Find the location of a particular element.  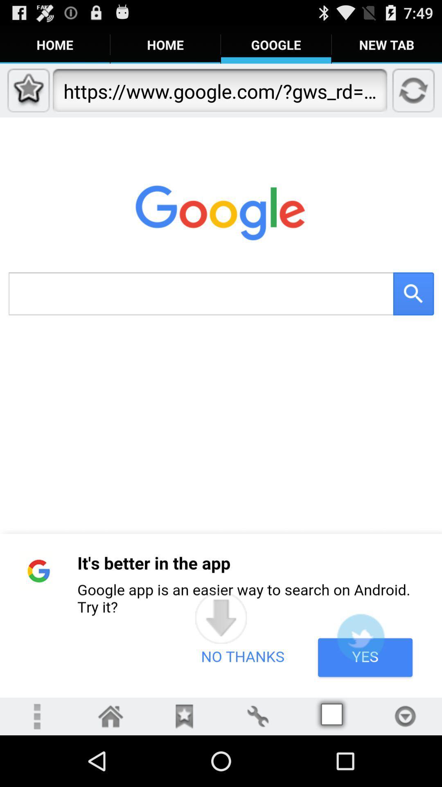

the settings button on the web page is located at coordinates (257, 716).